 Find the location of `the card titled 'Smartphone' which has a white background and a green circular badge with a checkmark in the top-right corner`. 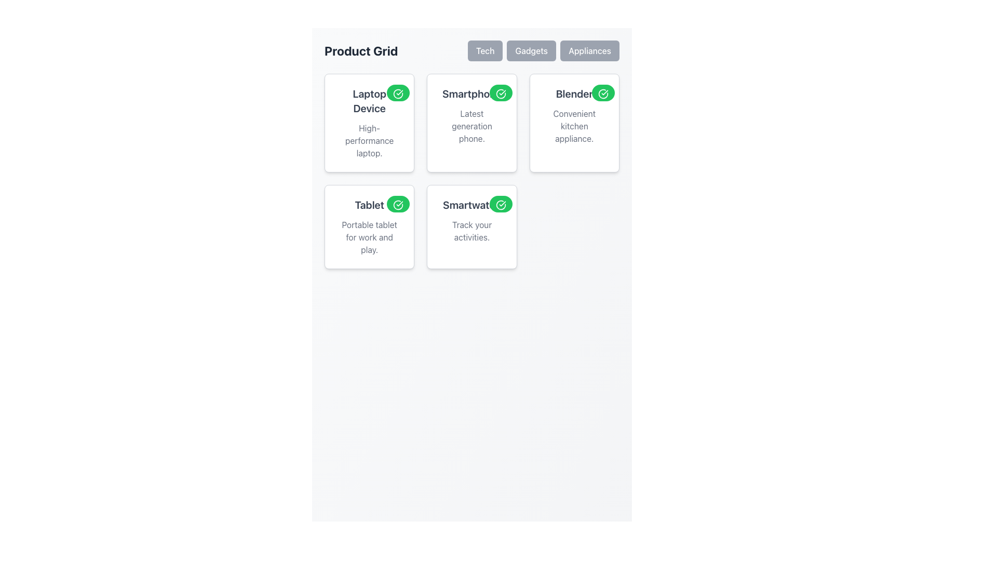

the card titled 'Smartphone' which has a white background and a green circular badge with a checkmark in the top-right corner is located at coordinates (471, 122).